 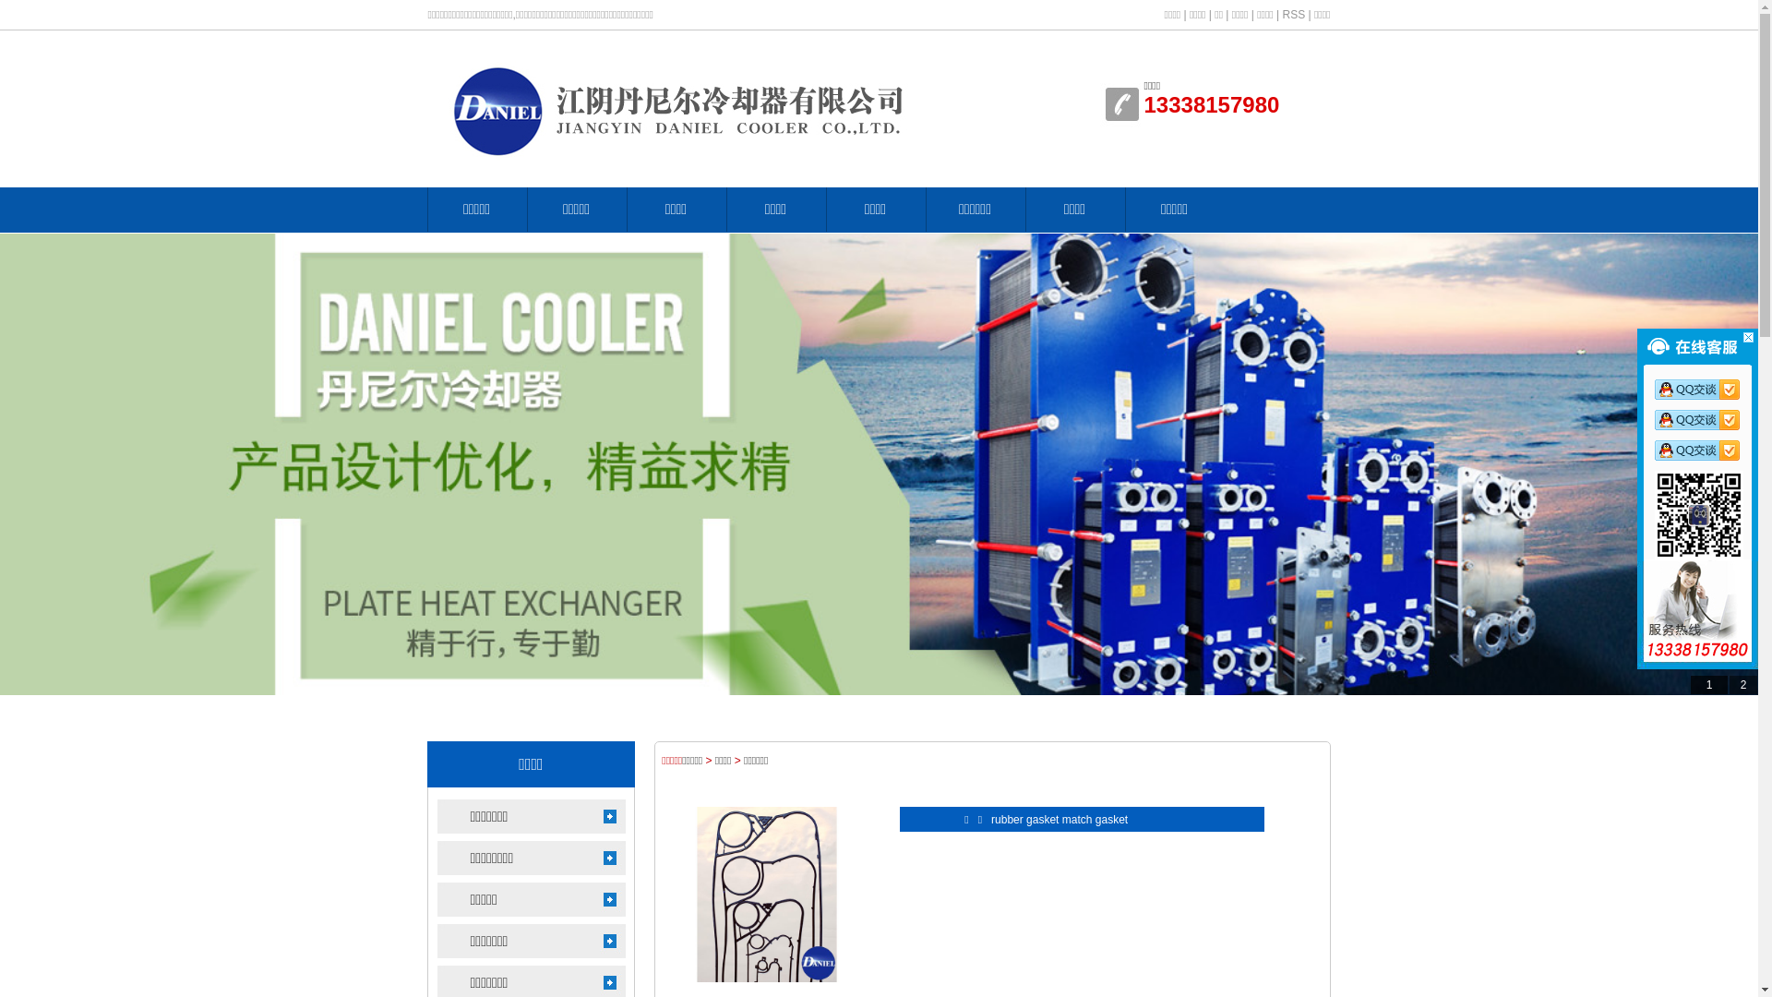 What do you see at coordinates (1280, 14) in the screenshot?
I see `'RSS'` at bounding box center [1280, 14].